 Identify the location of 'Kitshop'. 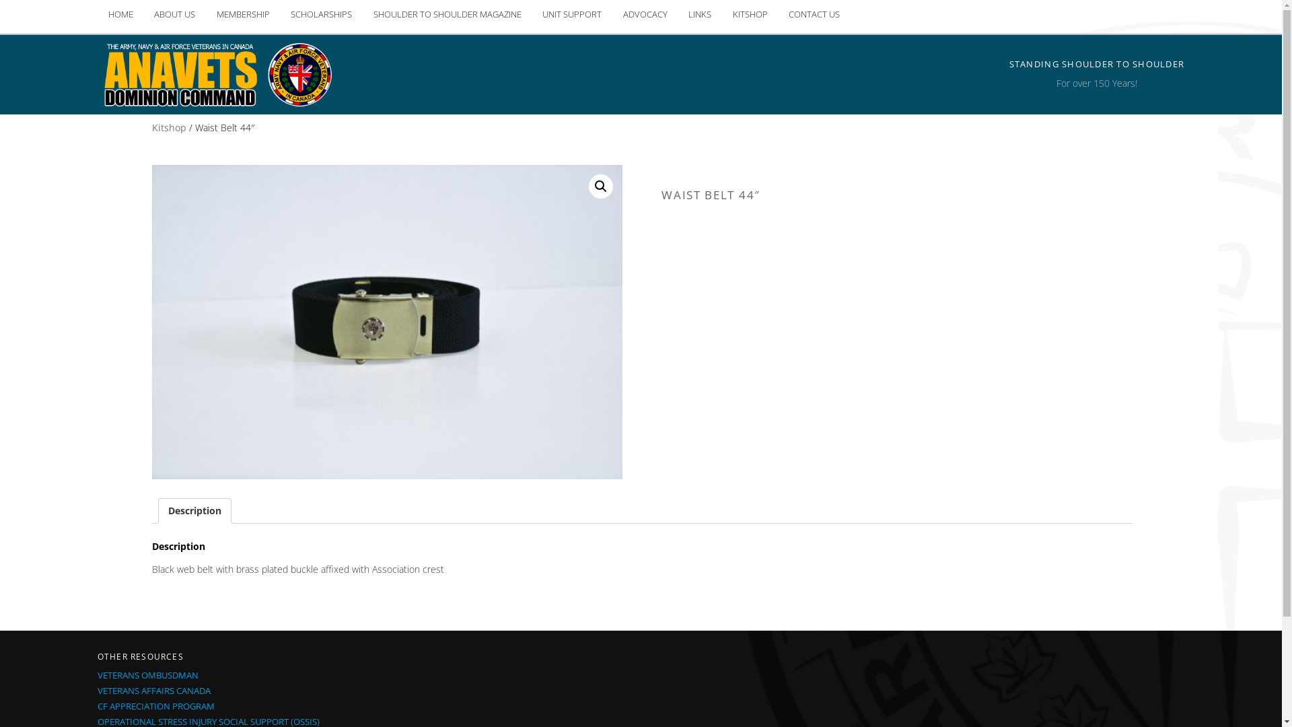
(168, 127).